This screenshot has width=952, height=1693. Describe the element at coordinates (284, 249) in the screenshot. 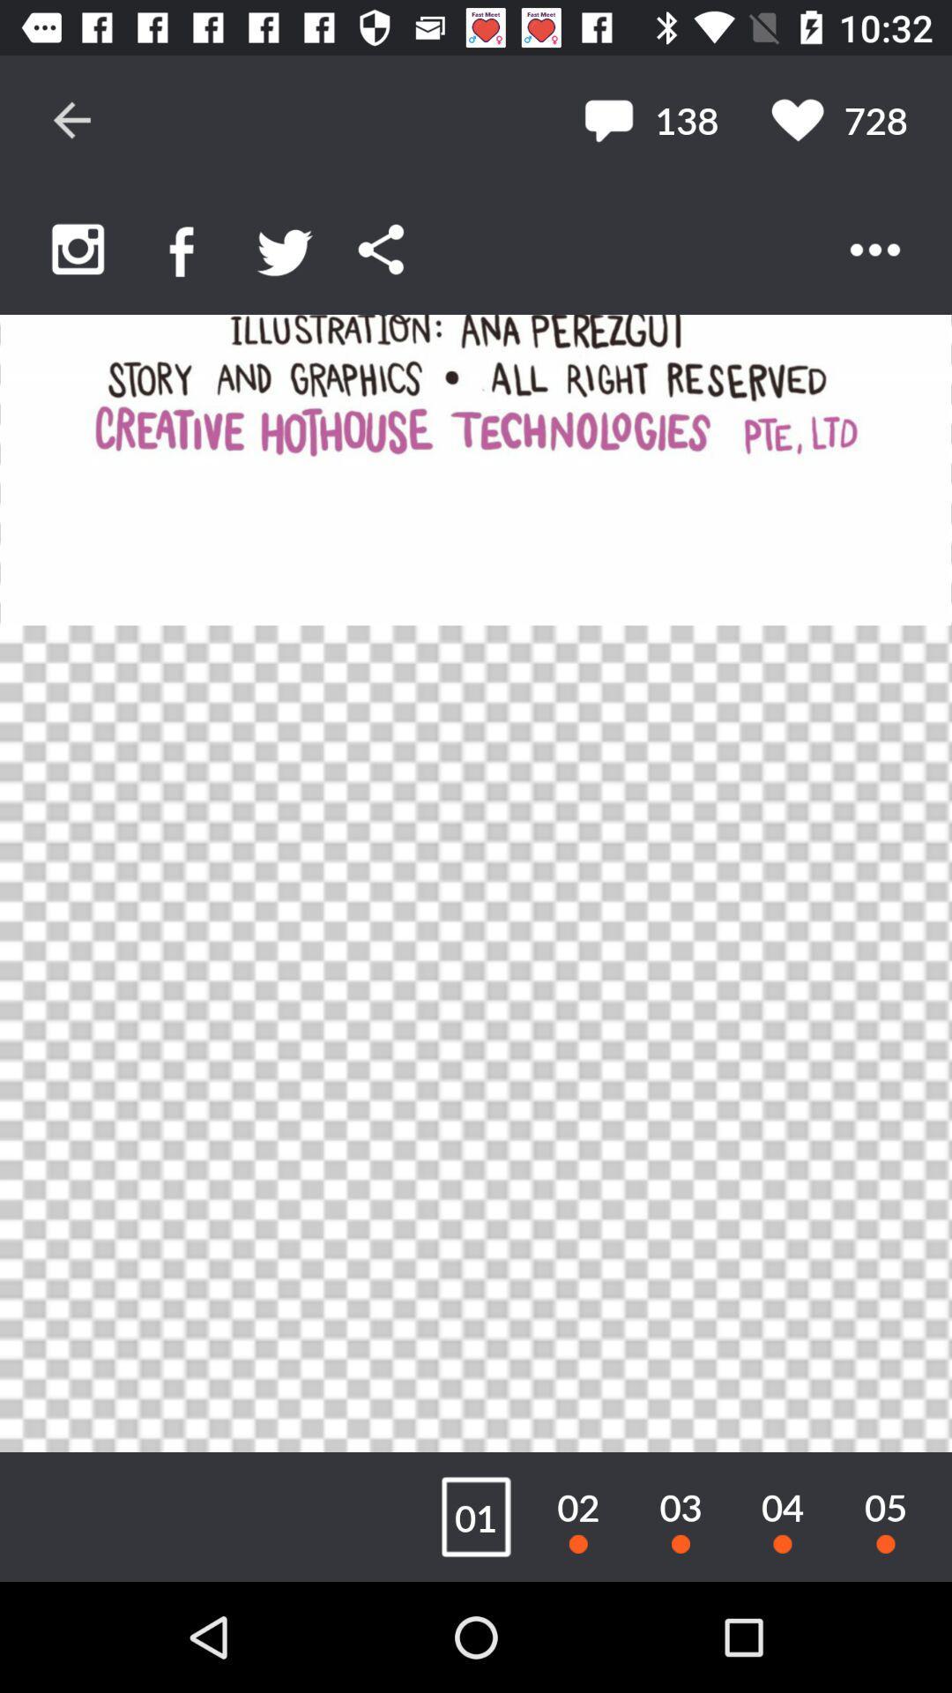

I see `share to twitter` at that location.